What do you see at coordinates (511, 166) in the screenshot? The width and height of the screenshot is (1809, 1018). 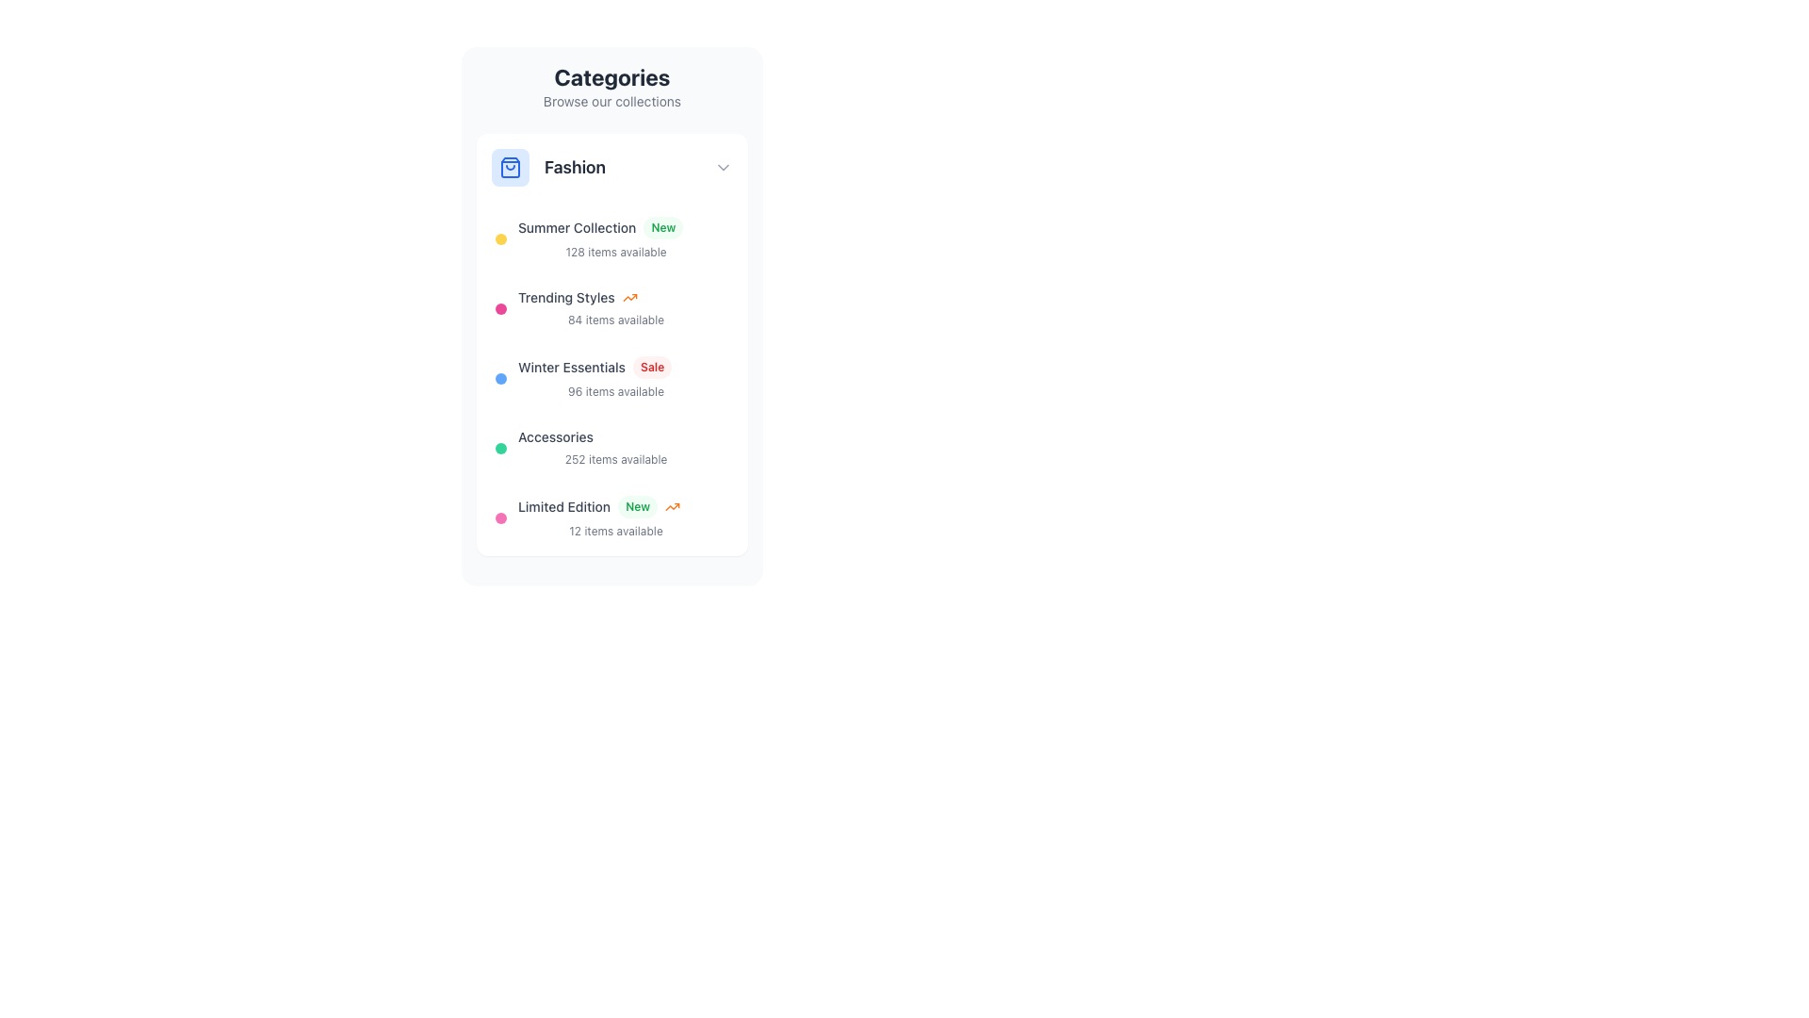 I see `the shopping bag icon with blue lines` at bounding box center [511, 166].